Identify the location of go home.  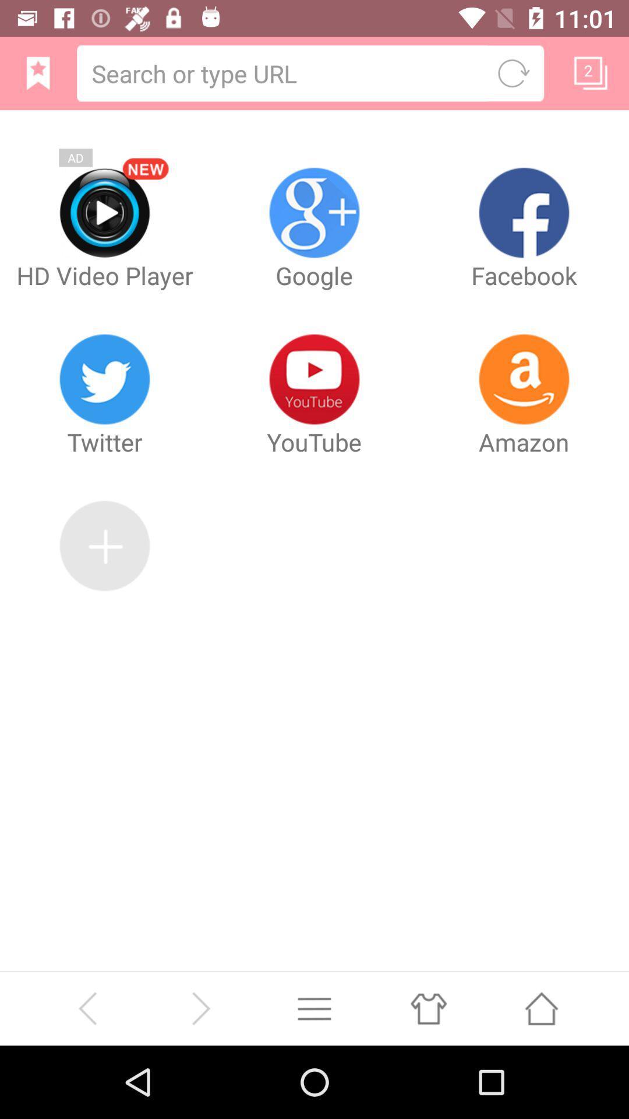
(541, 1008).